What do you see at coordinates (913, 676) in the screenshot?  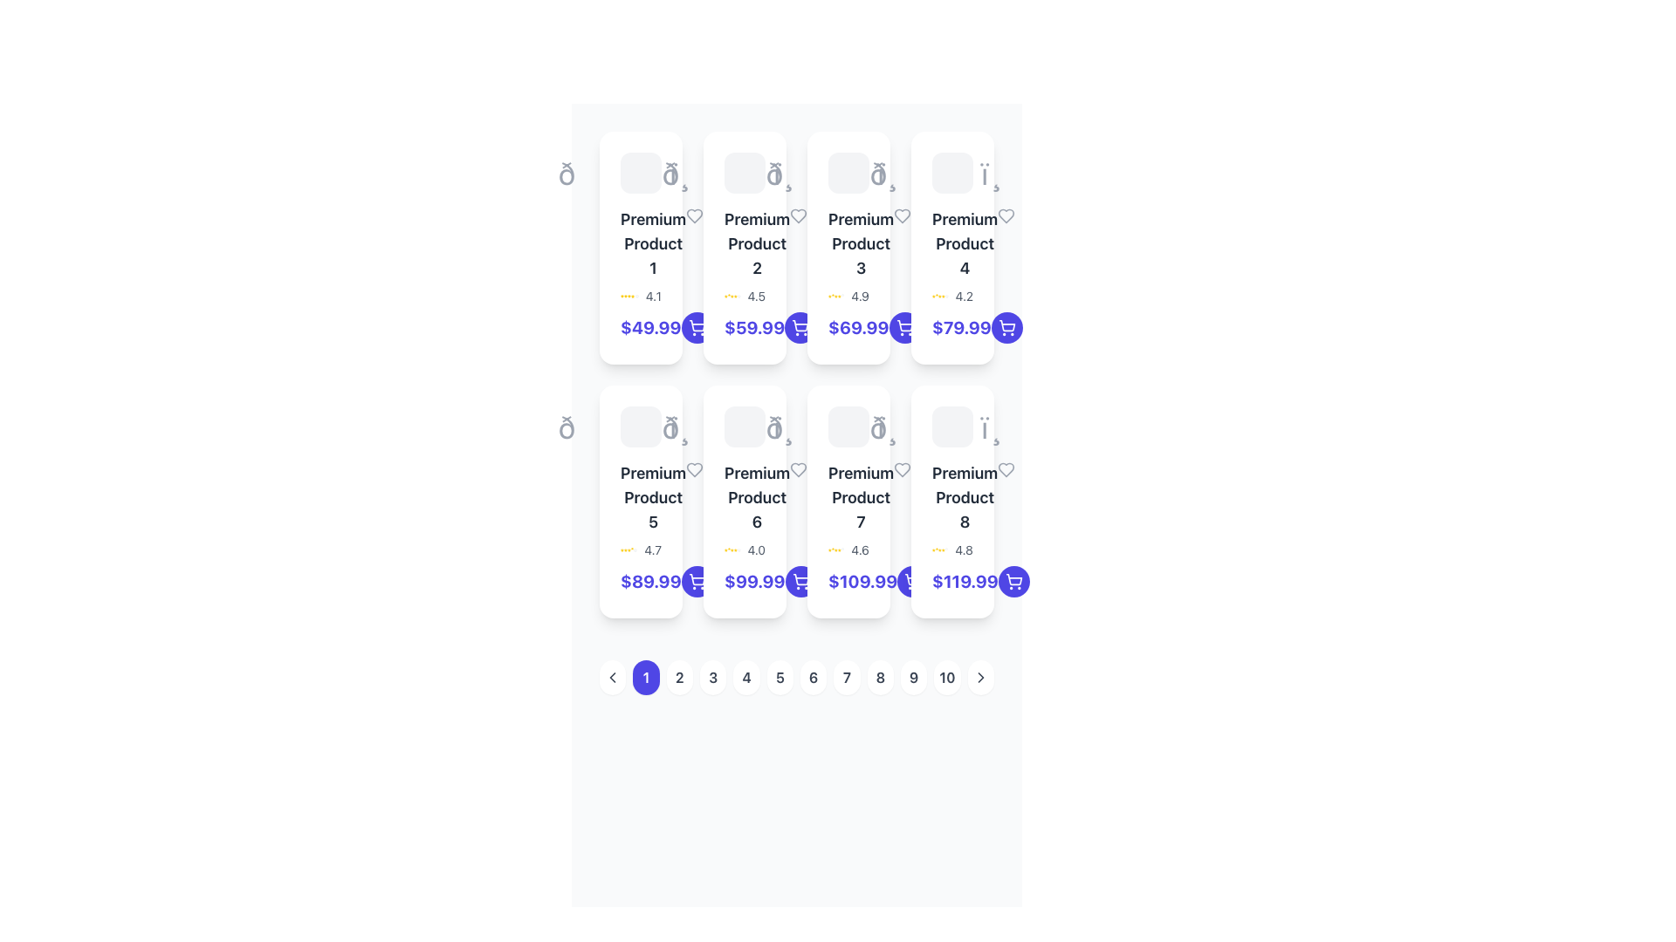 I see `the ninth pagination button located between the buttons labeled '8' and '10'` at bounding box center [913, 676].